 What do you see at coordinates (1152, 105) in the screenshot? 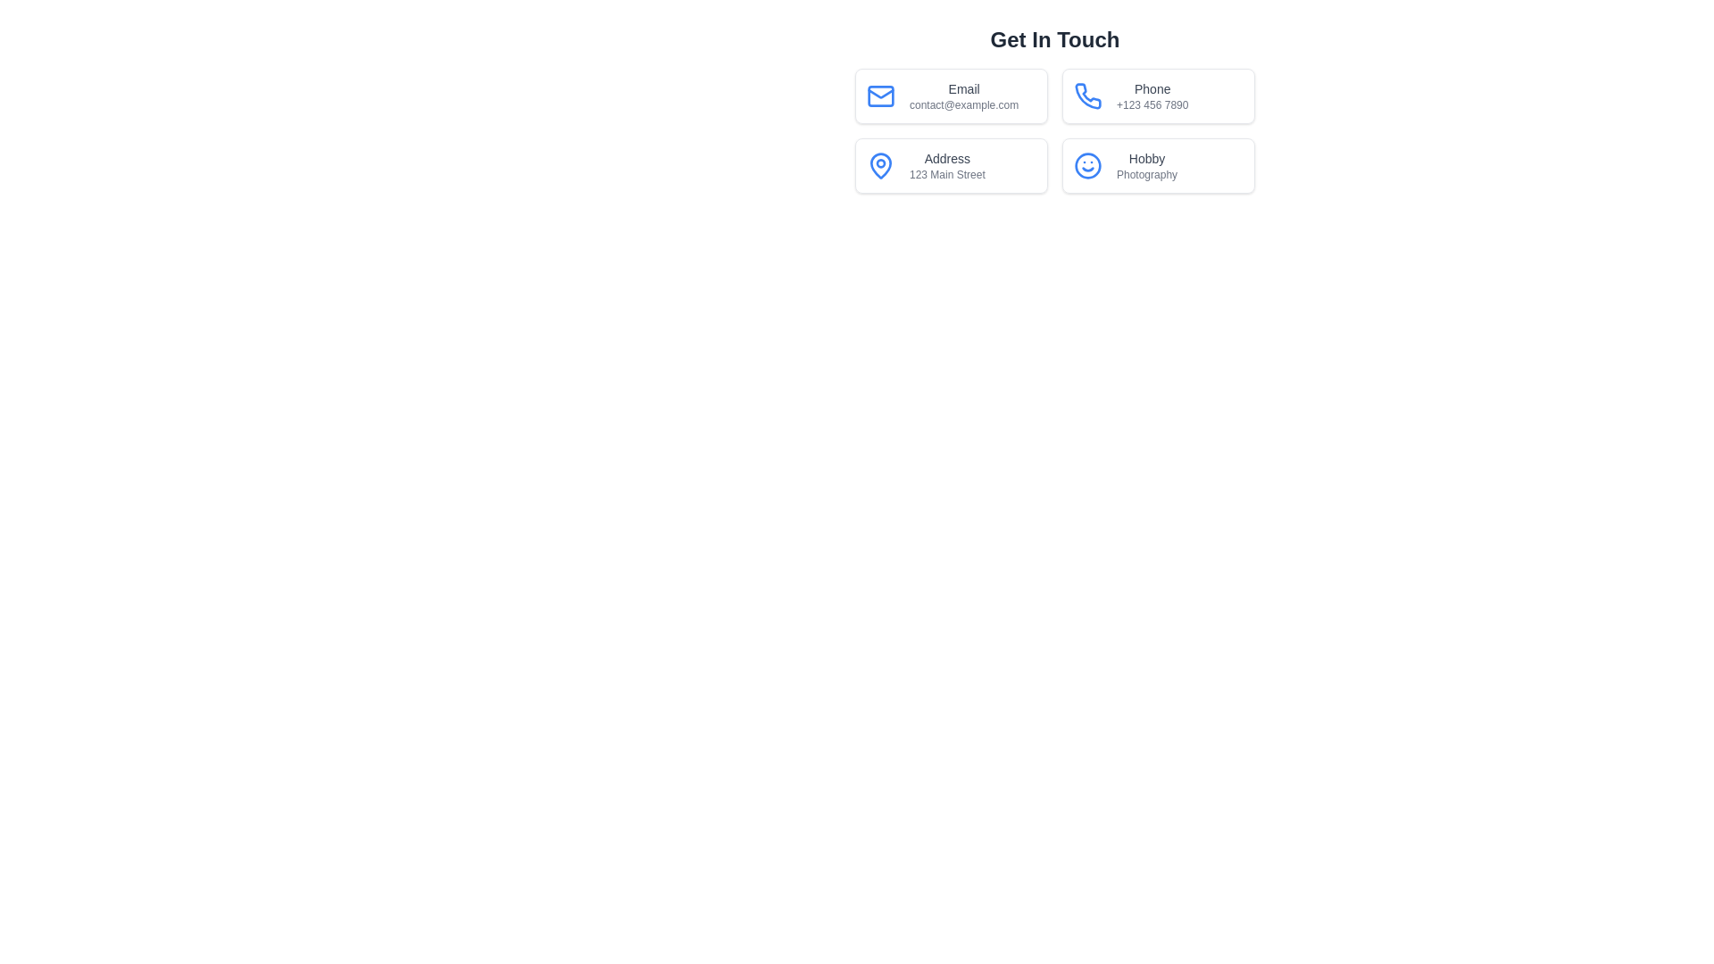
I see `phone number displayed in the top-right section of the grid layout, specifically below the 'Phone' label and next to the phone icon` at bounding box center [1152, 105].